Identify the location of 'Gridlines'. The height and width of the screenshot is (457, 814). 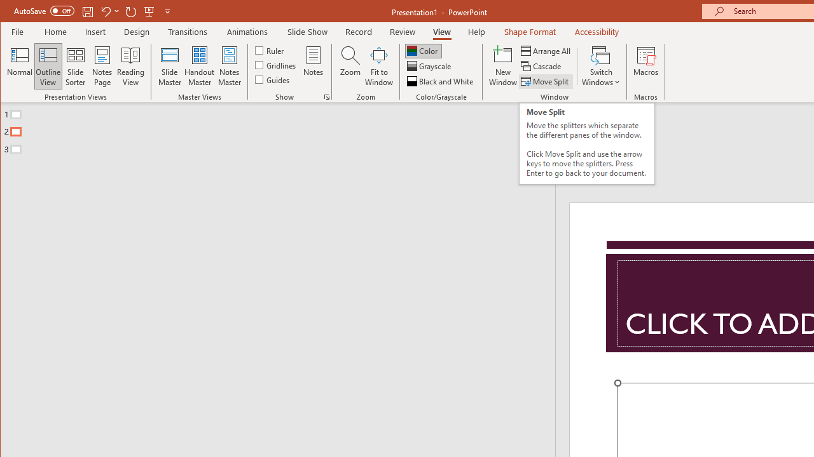
(276, 65).